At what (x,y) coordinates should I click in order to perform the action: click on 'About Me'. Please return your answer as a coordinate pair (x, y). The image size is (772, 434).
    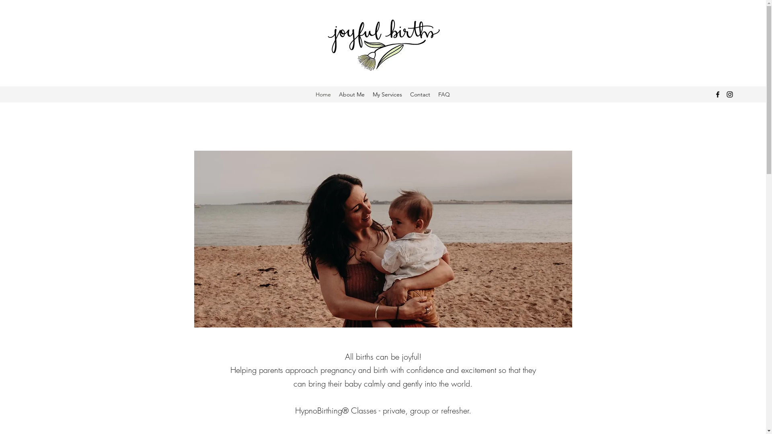
    Looking at the image, I should click on (351, 94).